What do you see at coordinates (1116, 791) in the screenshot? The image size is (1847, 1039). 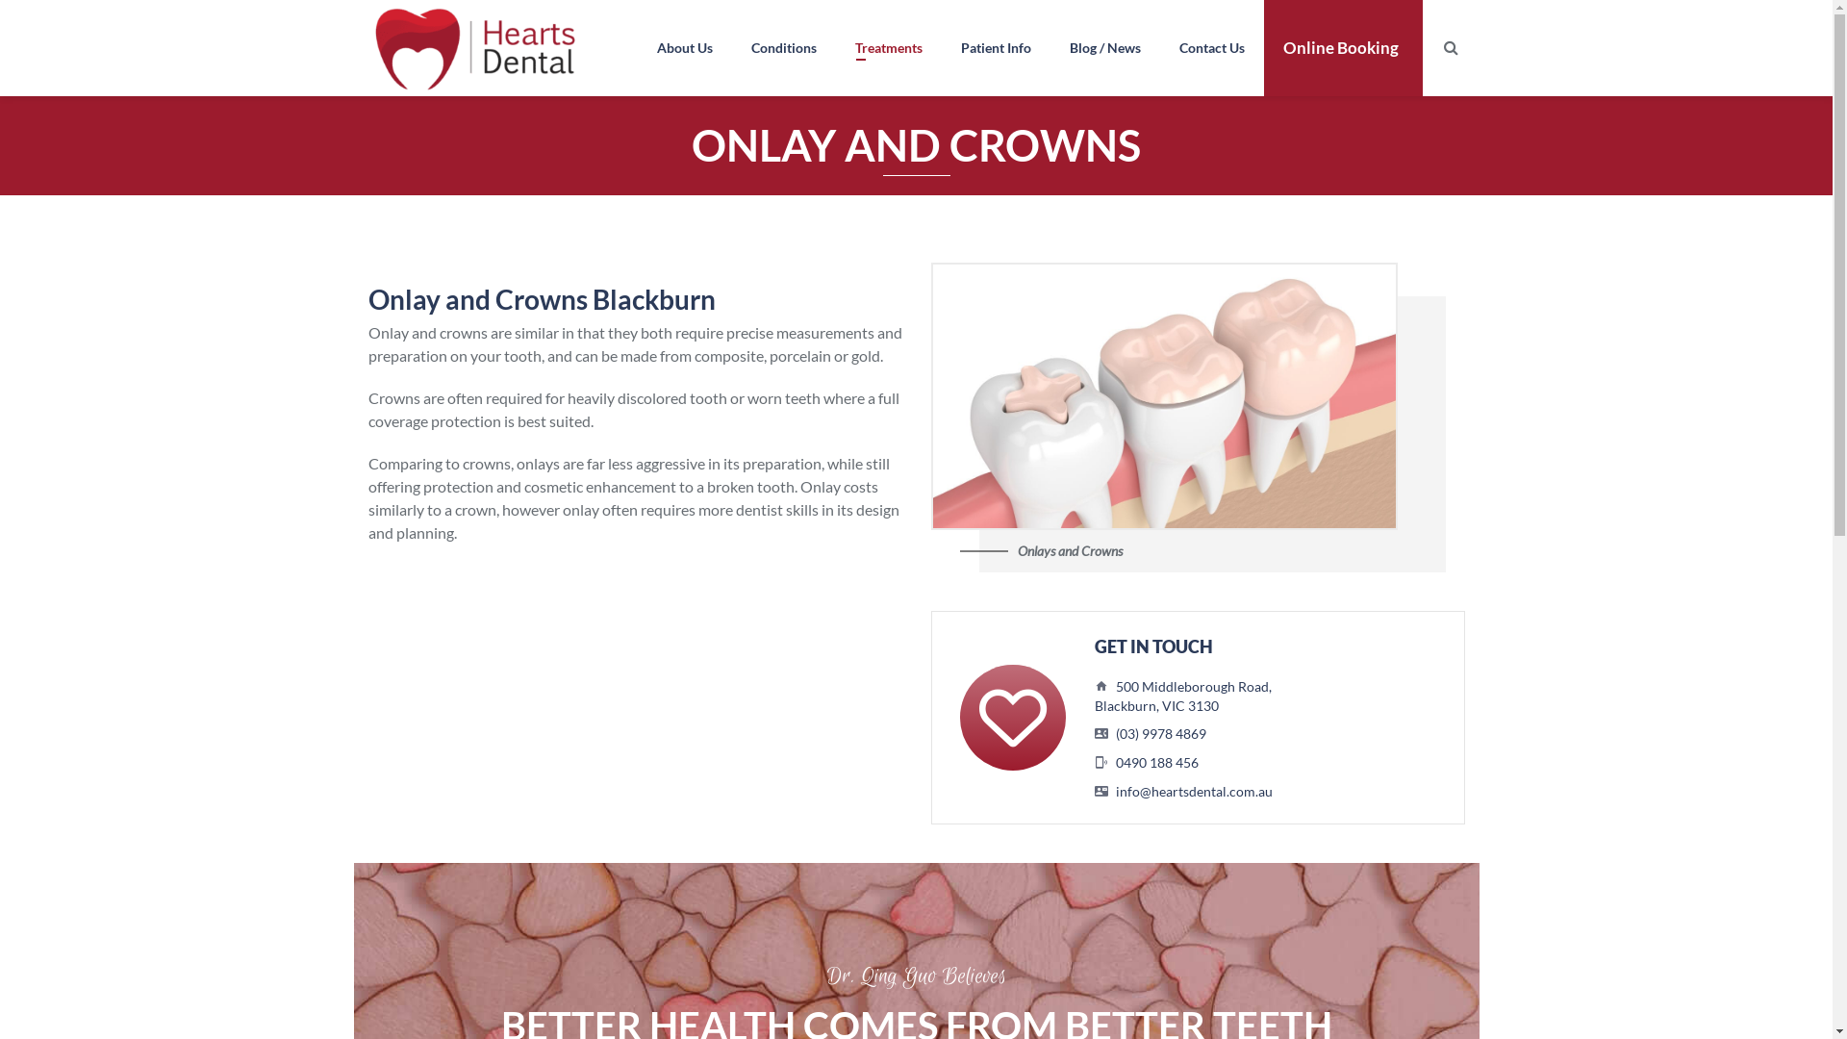 I see `'info@heartsdental.com.au'` at bounding box center [1116, 791].